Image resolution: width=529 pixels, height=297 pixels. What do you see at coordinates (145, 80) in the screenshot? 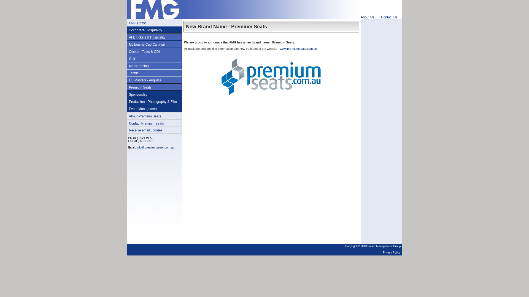
I see `'US Masters - Augusta'` at bounding box center [145, 80].